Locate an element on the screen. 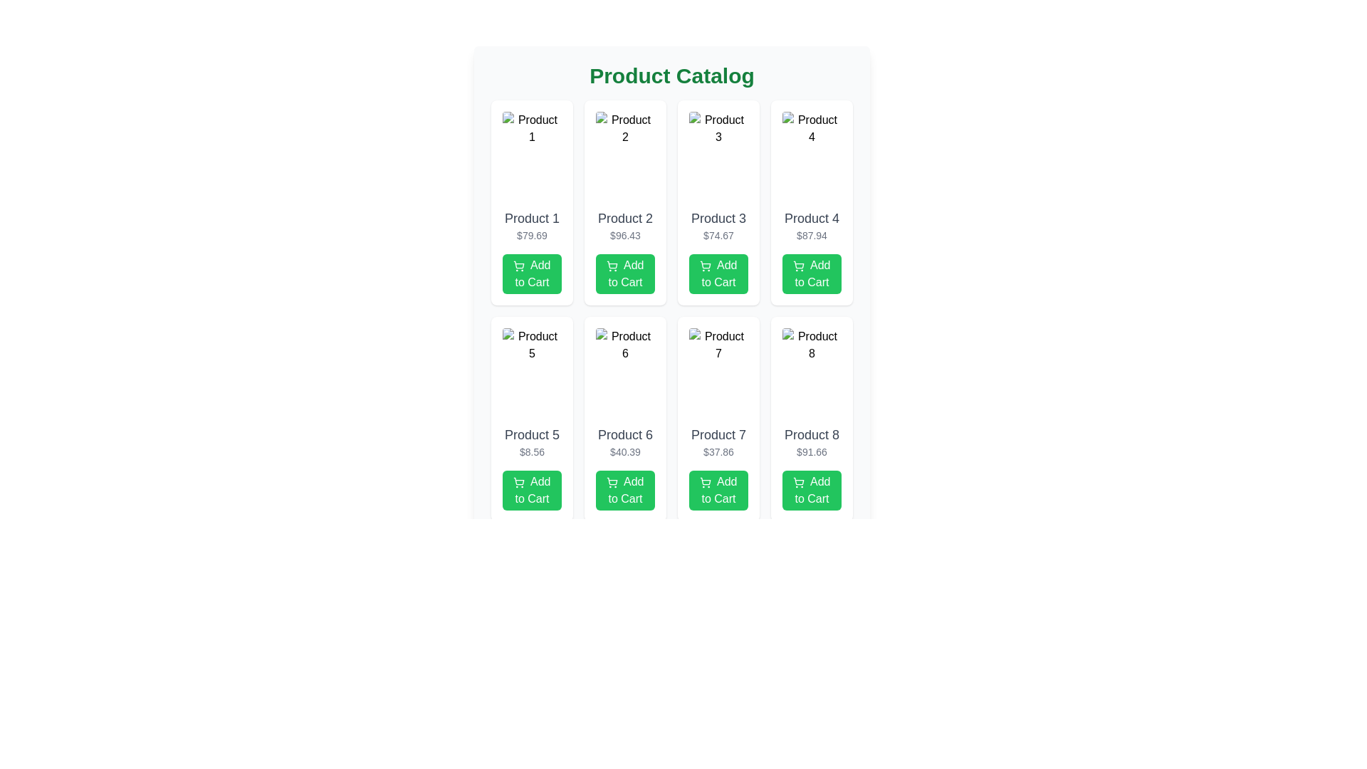  the 'Add to Cart' button icon for 'Product 7', located in the second row and third column of the product listing grid is located at coordinates (706, 481).